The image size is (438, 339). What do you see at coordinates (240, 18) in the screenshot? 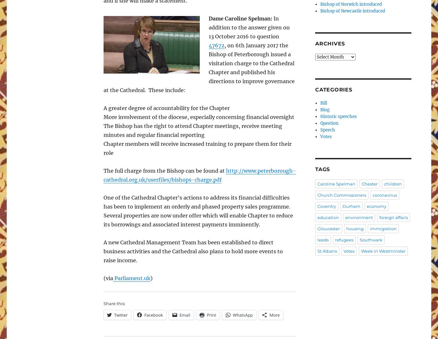
I see `'Dame Caroline Spelman:'` at bounding box center [240, 18].